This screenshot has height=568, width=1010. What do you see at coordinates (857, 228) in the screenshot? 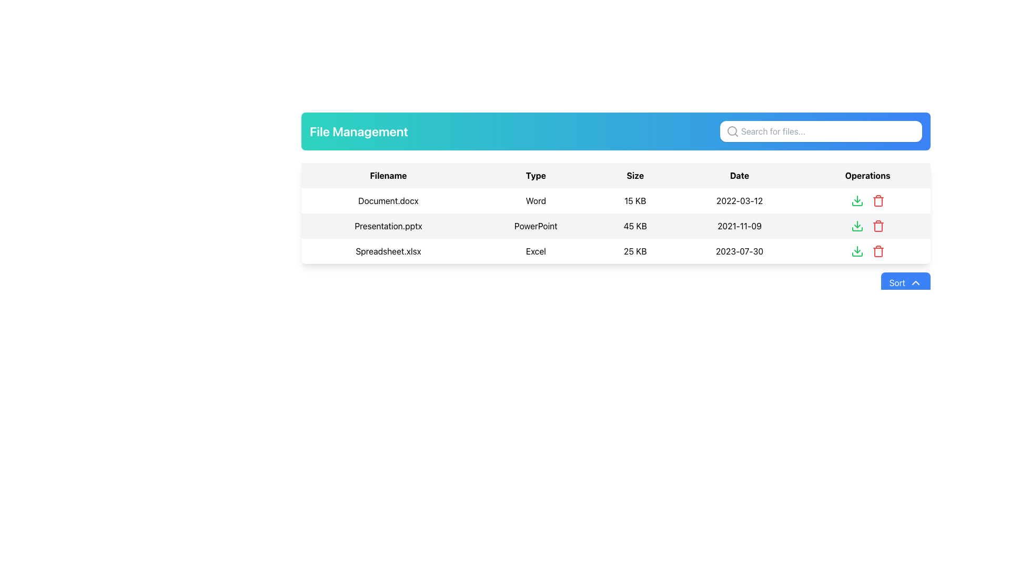
I see `the icon located near the bottom-right portion of the interface, below the last row in the 'Operations' column` at bounding box center [857, 228].